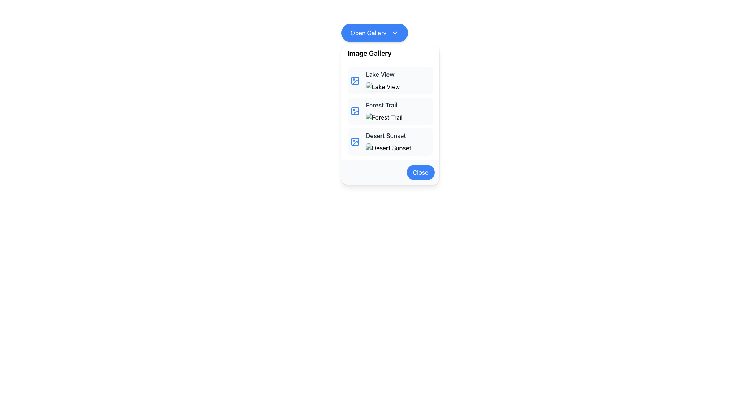 The height and width of the screenshot is (413, 734). What do you see at coordinates (384, 111) in the screenshot?
I see `the image placeholder of the 'Forest Trail' element, which is the second item in the vertically arranged gallery list` at bounding box center [384, 111].